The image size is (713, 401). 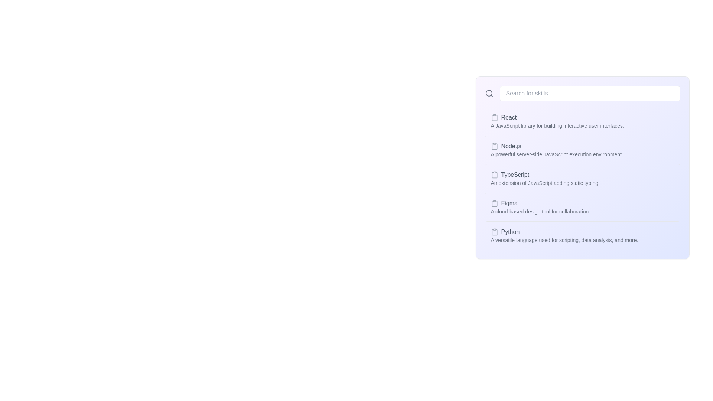 What do you see at coordinates (582, 150) in the screenshot?
I see `the second list item in the skills list that introduces 'Node.js' by clicking on it` at bounding box center [582, 150].